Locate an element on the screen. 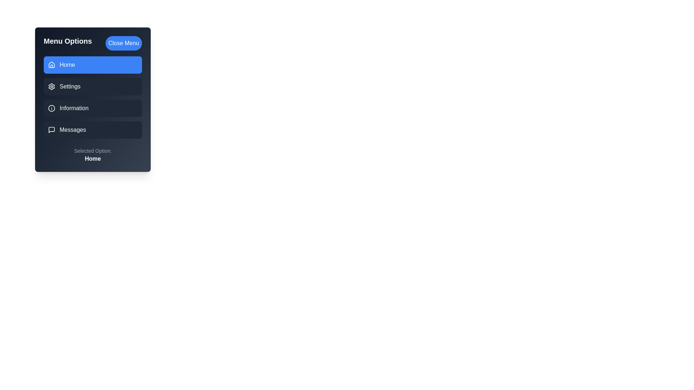 This screenshot has height=390, width=694. the 'Menu Options' text label is located at coordinates (68, 43).